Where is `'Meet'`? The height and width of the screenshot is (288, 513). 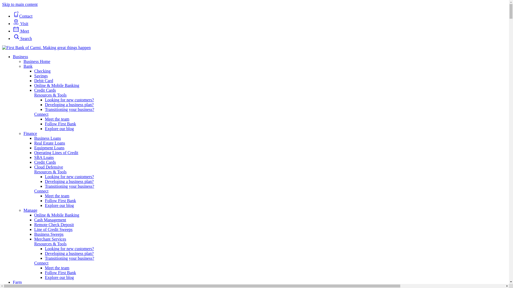 'Meet' is located at coordinates (21, 31).